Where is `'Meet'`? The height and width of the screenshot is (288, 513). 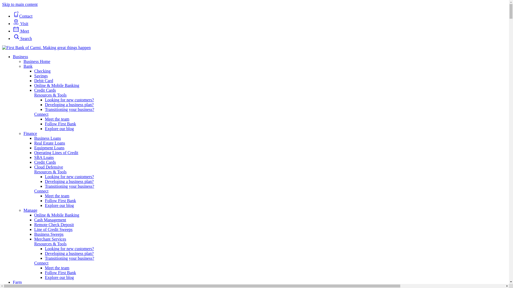 'Meet' is located at coordinates (21, 31).